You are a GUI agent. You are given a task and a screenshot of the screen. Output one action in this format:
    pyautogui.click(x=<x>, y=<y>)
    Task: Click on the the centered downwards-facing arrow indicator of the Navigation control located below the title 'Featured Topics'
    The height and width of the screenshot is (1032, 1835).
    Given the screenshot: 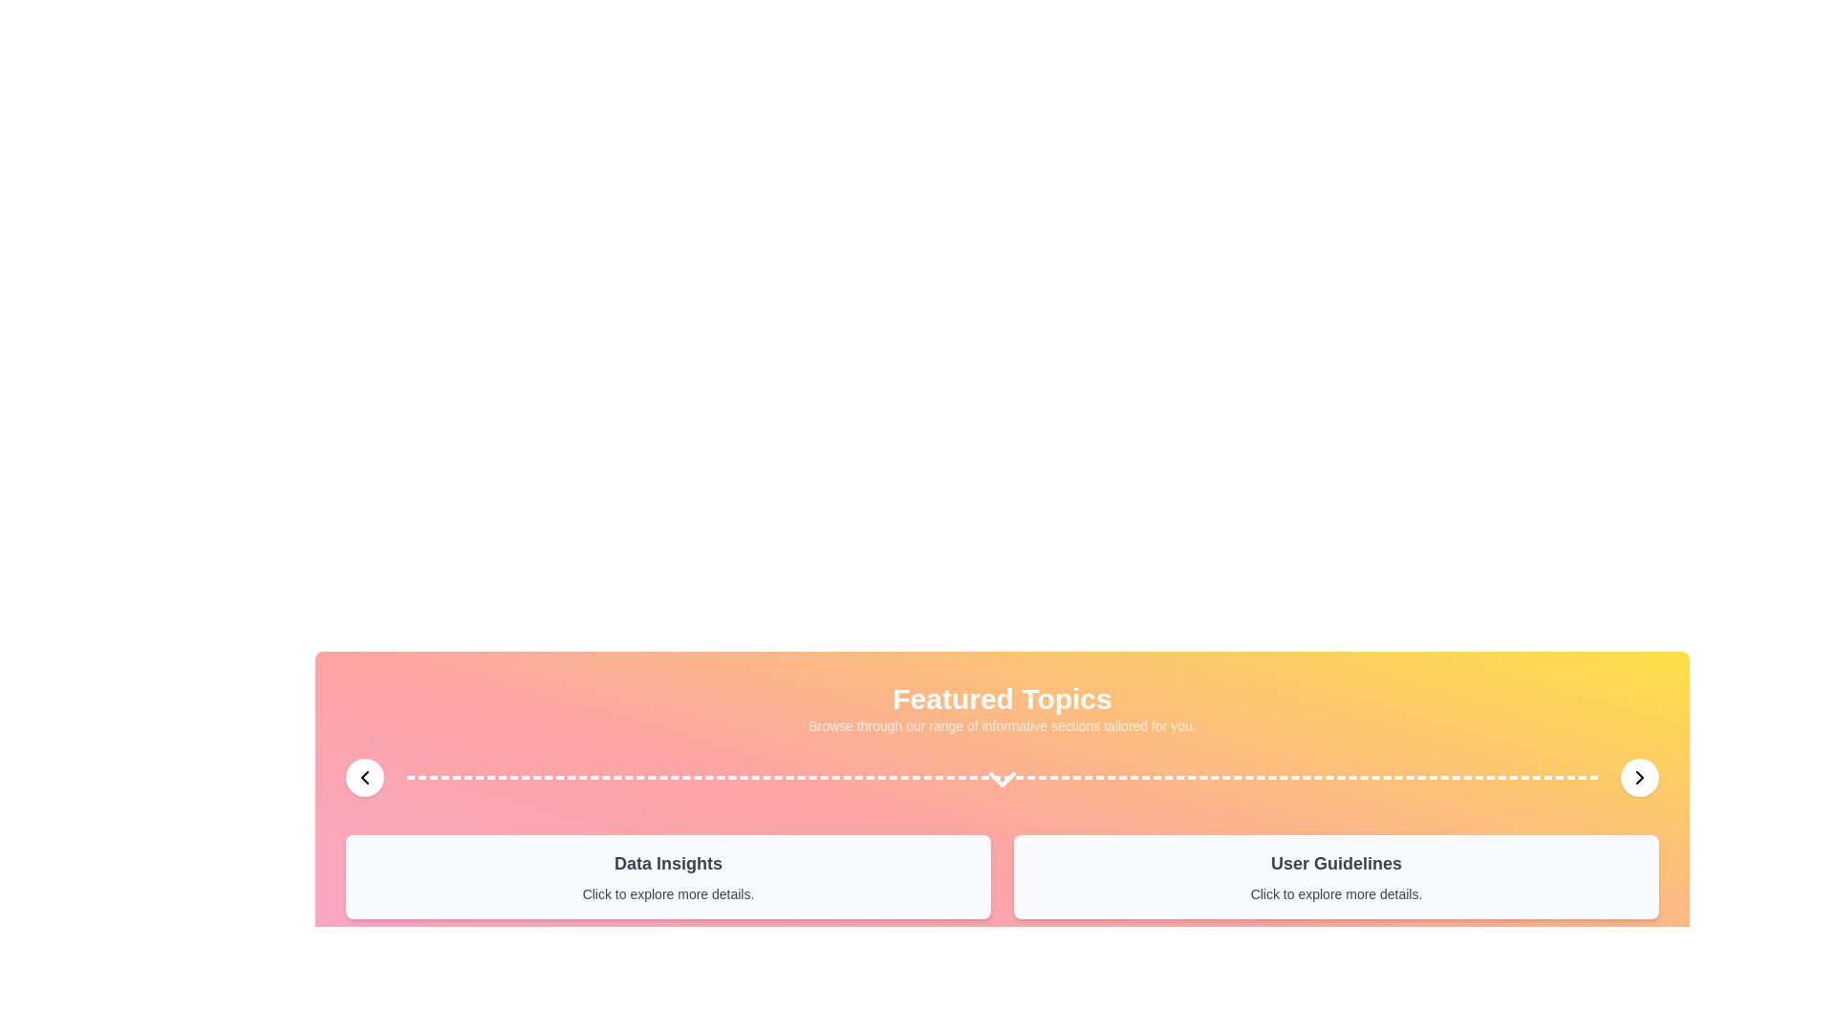 What is the action you would take?
    pyautogui.click(x=1002, y=777)
    